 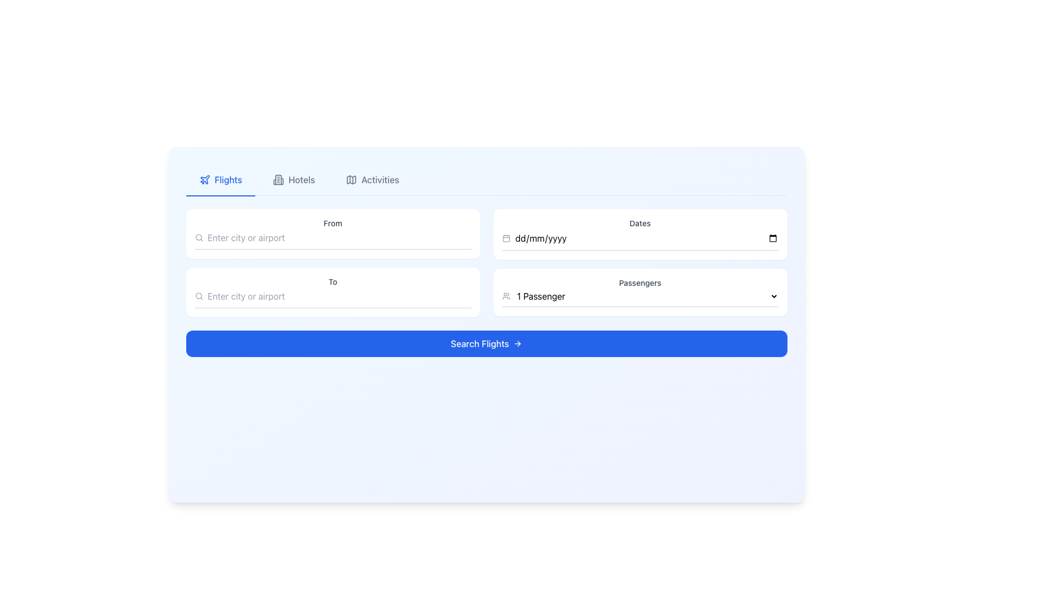 I want to click on the rectangular 'Search Flights' button with a bold blue background and white text, so click(x=486, y=343).